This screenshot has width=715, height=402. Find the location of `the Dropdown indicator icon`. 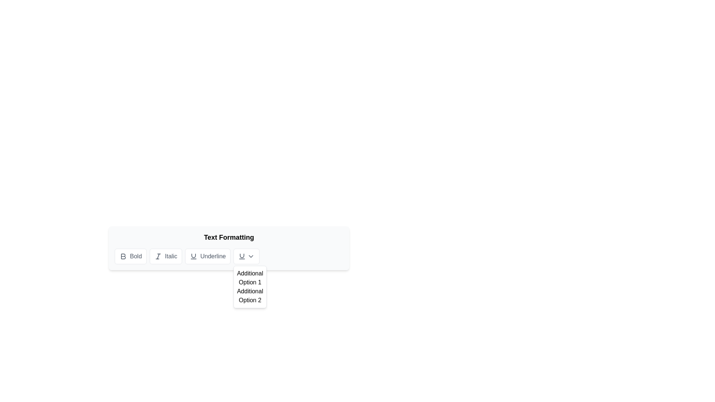

the Dropdown indicator icon is located at coordinates (251, 256).